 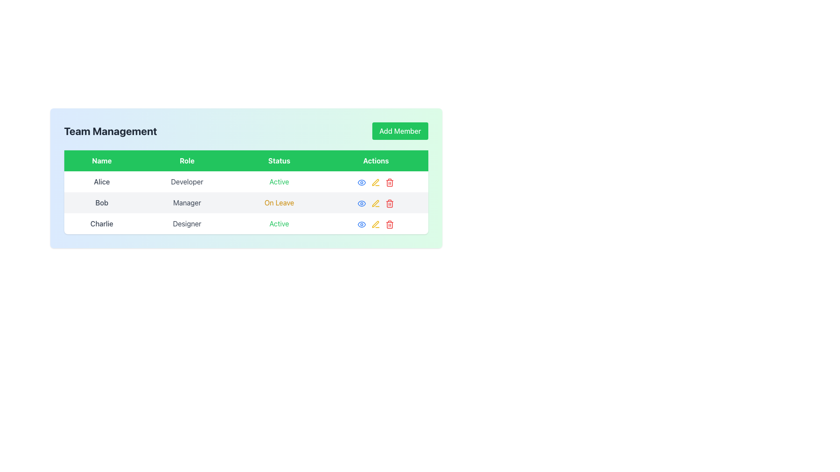 I want to click on the status indicator text label for Charlie in the 'Status' column of the Team Management table, which shows that he is currently active, so click(x=279, y=223).